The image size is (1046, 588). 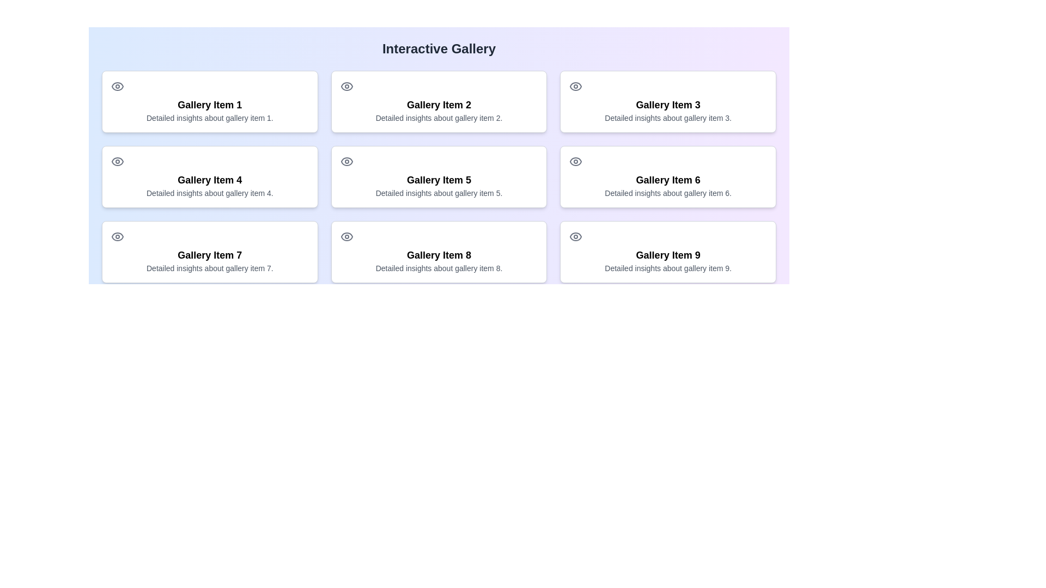 What do you see at coordinates (118, 236) in the screenshot?
I see `the eye icon vector graphic located in the third card of the leftmost column in the SVG illustration` at bounding box center [118, 236].